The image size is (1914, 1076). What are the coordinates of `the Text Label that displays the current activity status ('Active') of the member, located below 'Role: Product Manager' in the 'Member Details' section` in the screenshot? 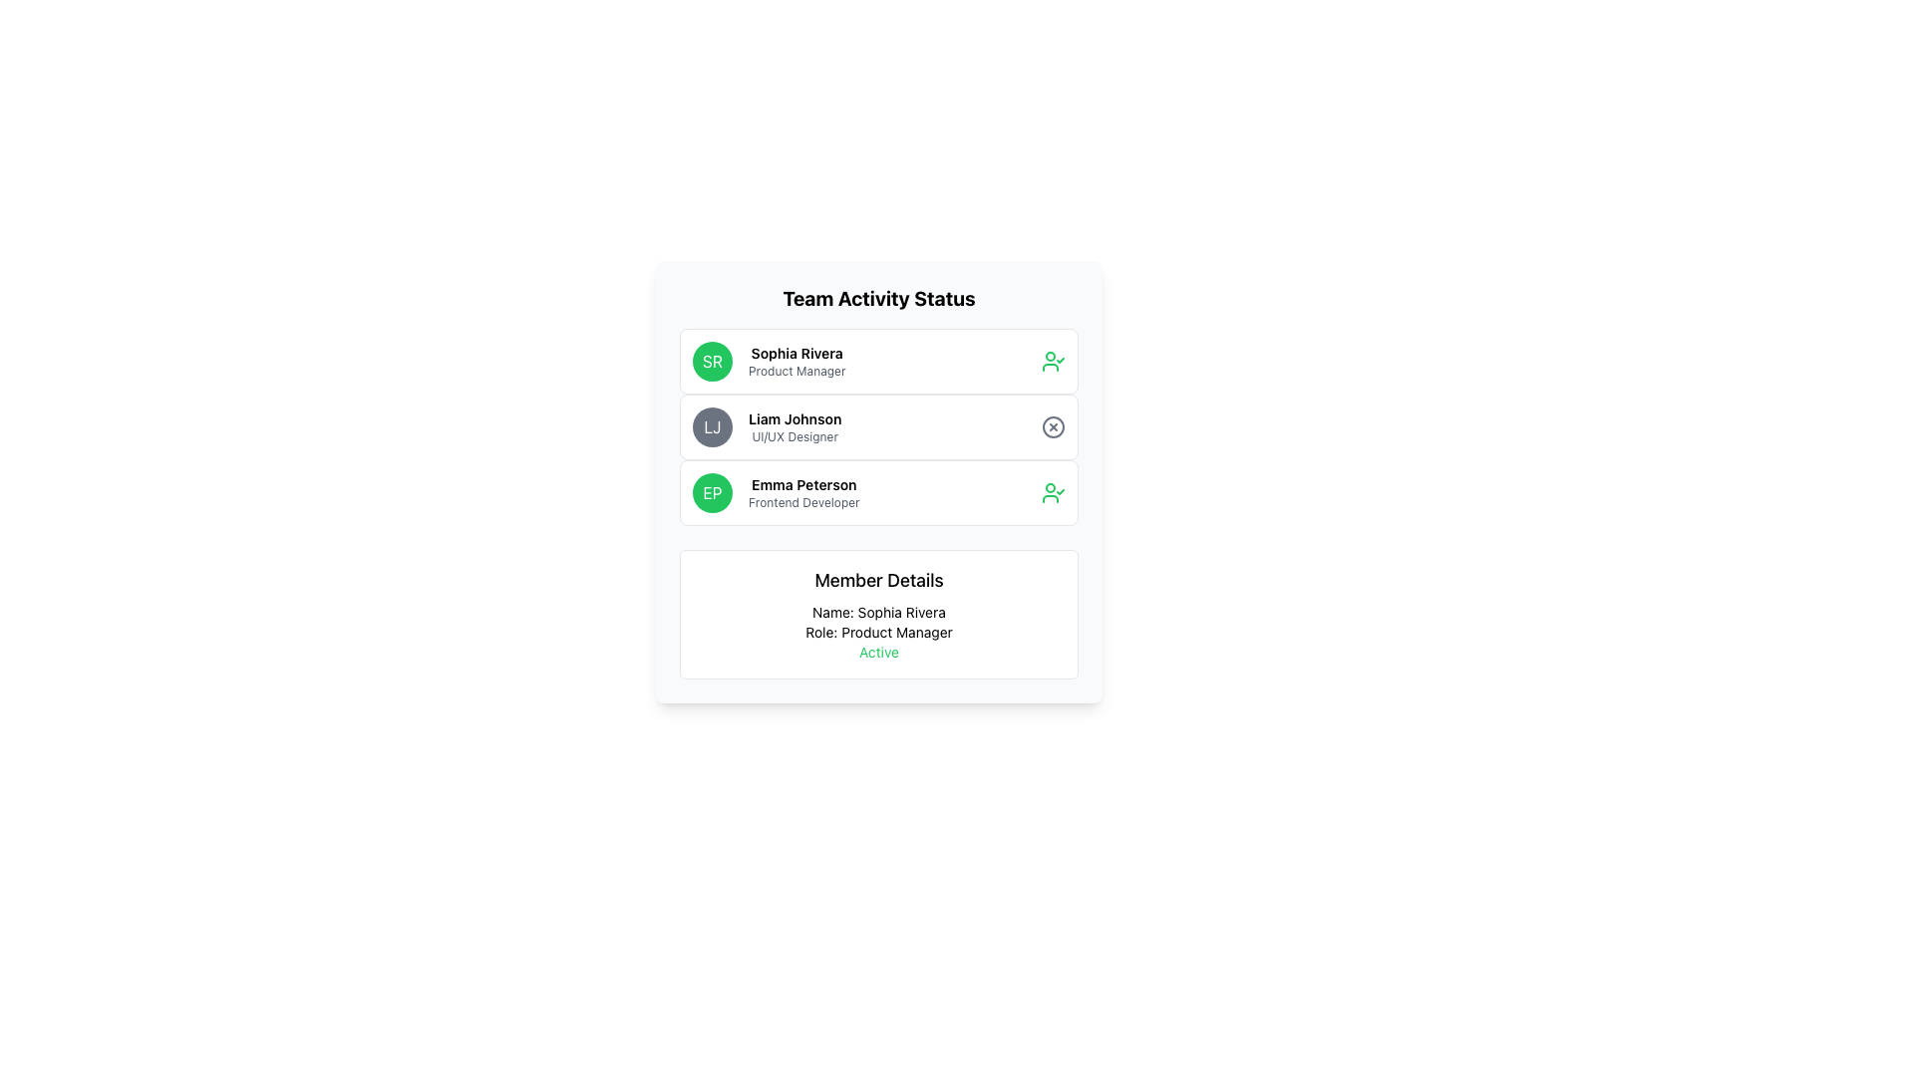 It's located at (878, 653).